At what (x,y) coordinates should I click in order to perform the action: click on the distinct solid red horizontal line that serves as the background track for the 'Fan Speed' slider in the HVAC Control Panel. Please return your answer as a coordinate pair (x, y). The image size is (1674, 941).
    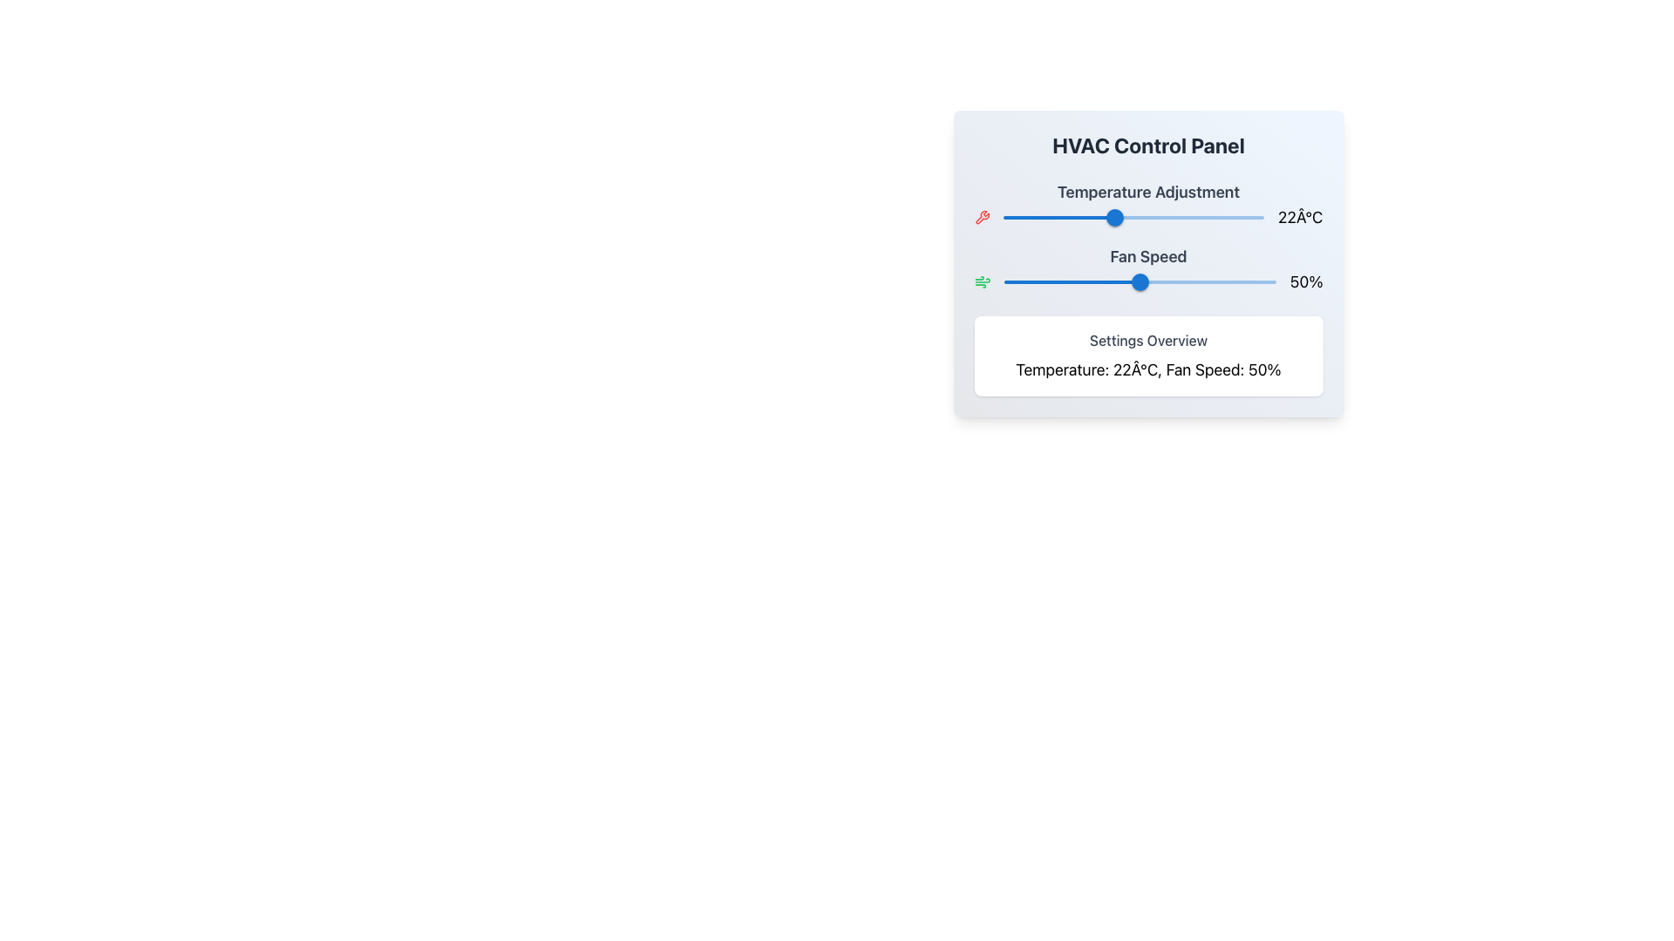
    Looking at the image, I should click on (1140, 281).